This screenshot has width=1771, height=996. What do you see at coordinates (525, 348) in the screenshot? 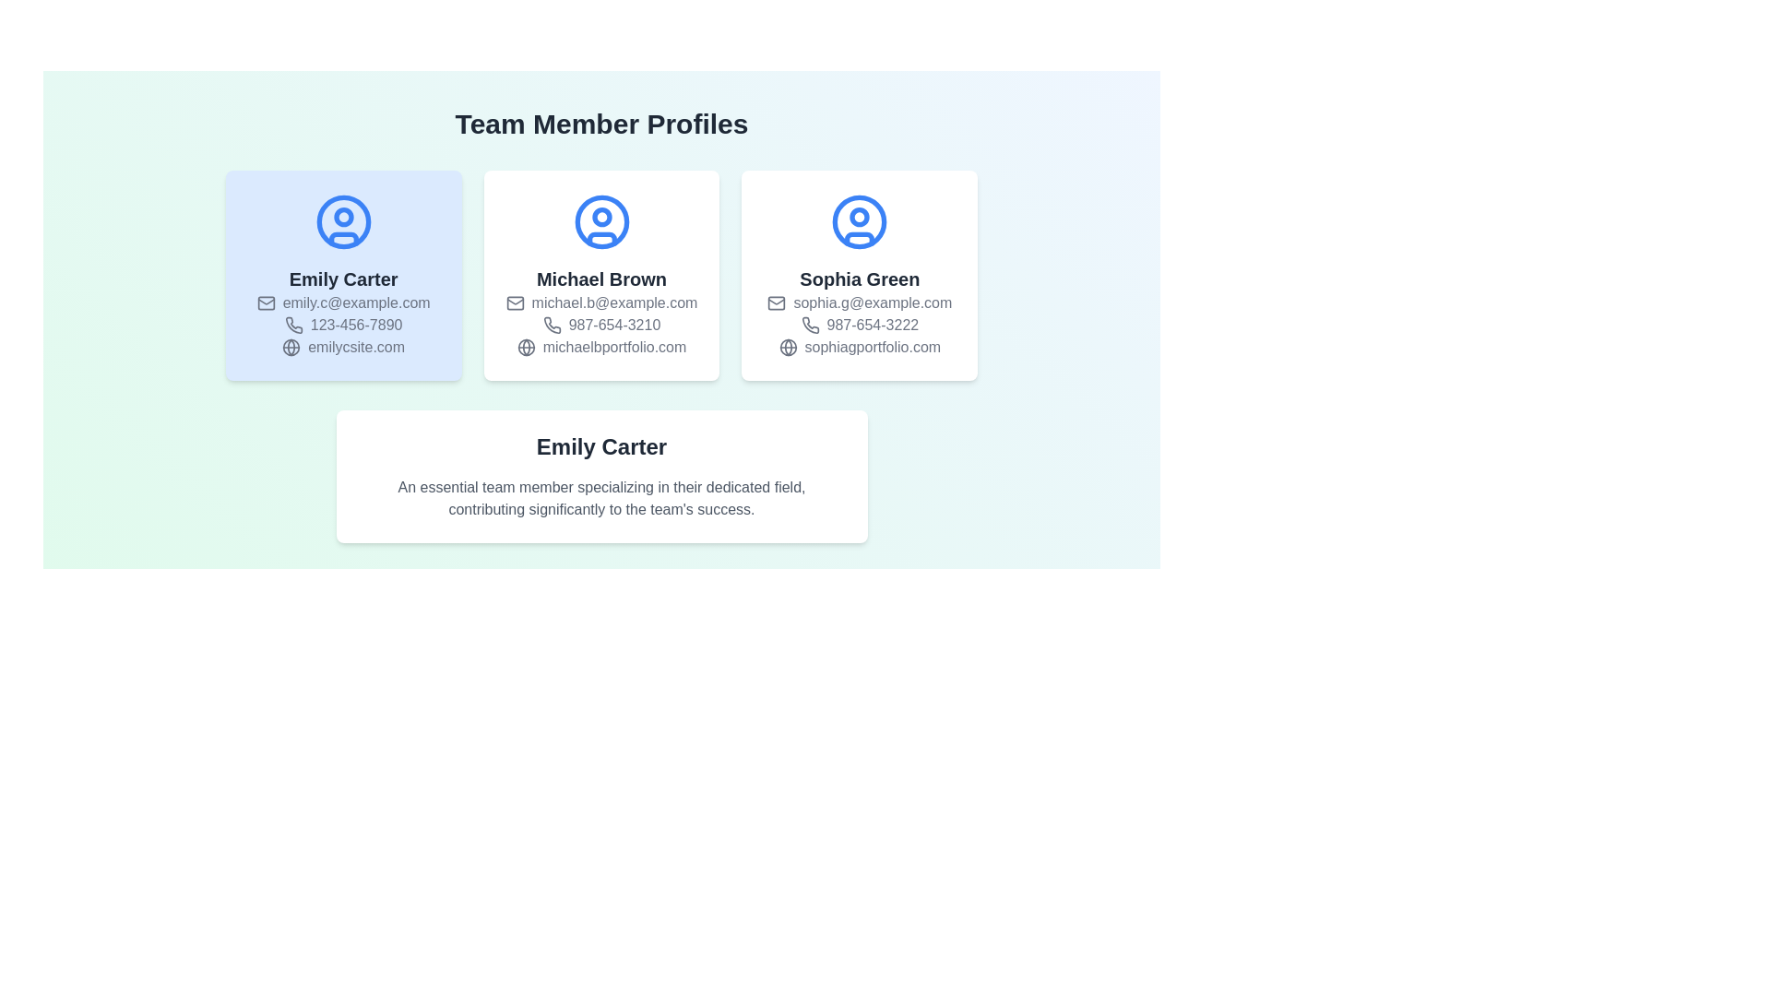
I see `the circle element representing the globe icon in the contact information card for Michael Brown` at bounding box center [525, 348].